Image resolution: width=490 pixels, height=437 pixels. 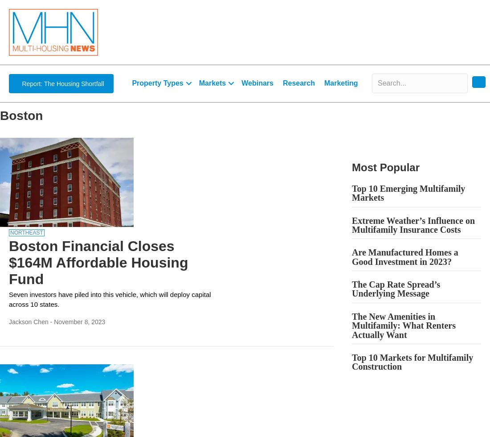 I want to click on 'Top 10 Emerging Multifamily Markets', so click(x=408, y=193).